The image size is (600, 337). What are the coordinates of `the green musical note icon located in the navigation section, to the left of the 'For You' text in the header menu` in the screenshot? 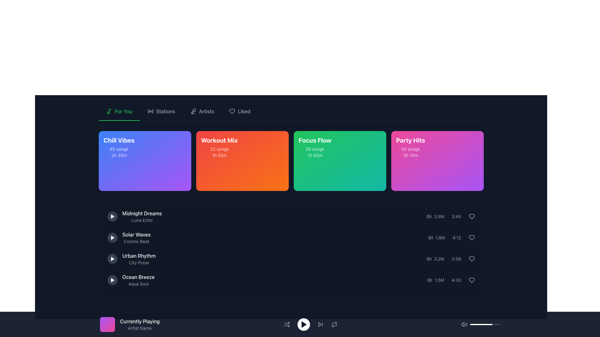 It's located at (109, 111).